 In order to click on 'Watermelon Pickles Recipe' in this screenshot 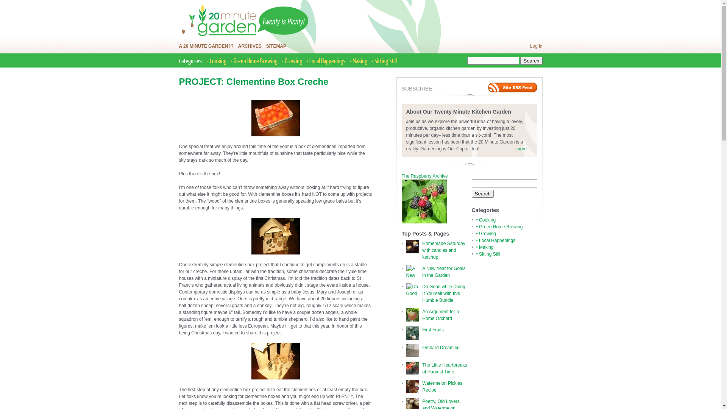, I will do `click(421, 387)`.